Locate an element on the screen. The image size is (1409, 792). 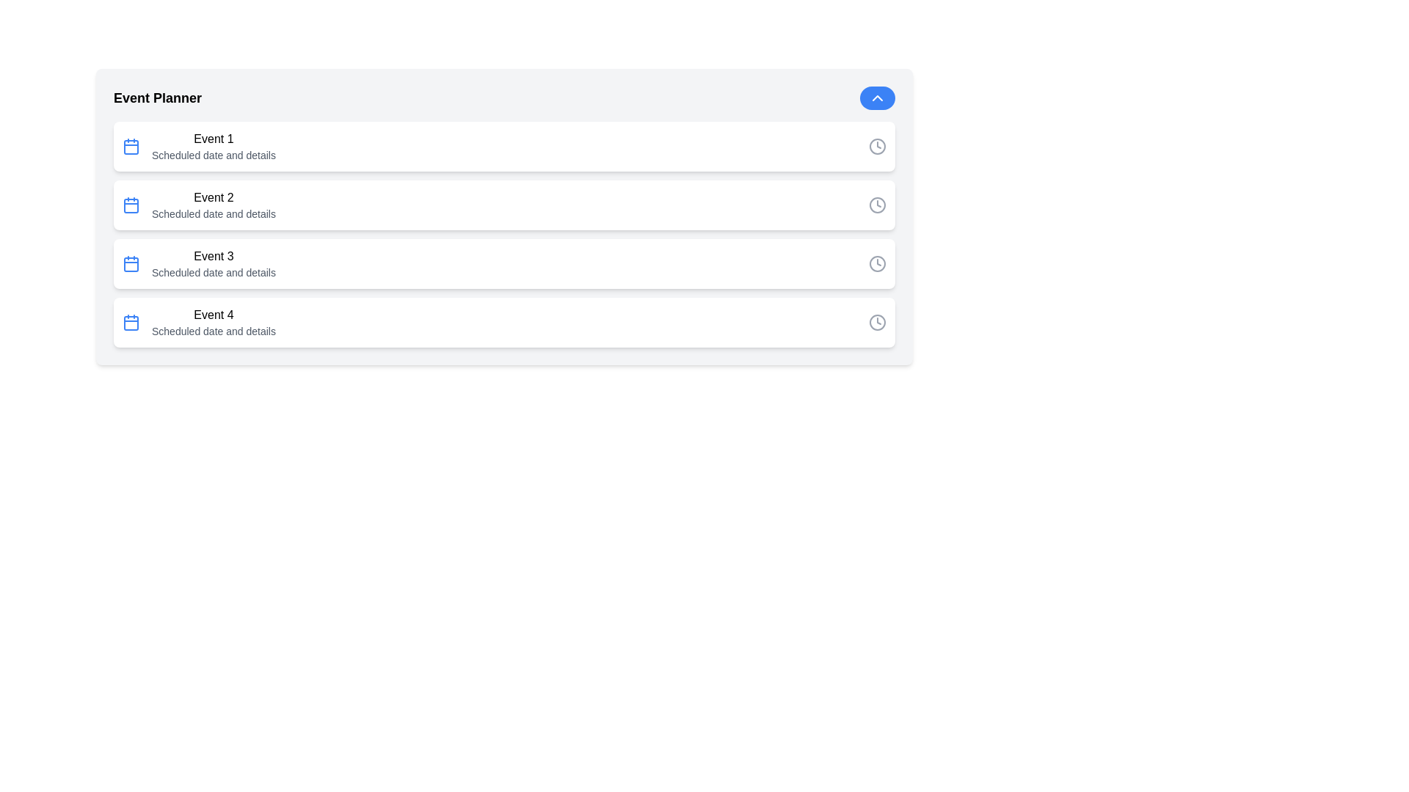
the clock icon, which is a circular outline with clock hands, located to the far right of the 'Event 4' row and adjacent to 'Scheduled date and details' is located at coordinates (877, 321).